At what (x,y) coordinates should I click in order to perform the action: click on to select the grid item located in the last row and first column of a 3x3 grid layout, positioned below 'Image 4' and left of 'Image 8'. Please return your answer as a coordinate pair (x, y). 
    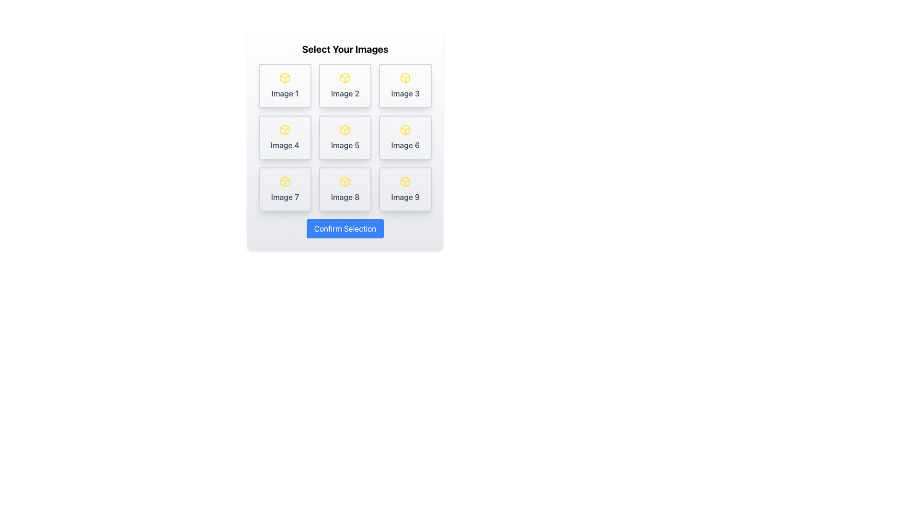
    Looking at the image, I should click on (284, 189).